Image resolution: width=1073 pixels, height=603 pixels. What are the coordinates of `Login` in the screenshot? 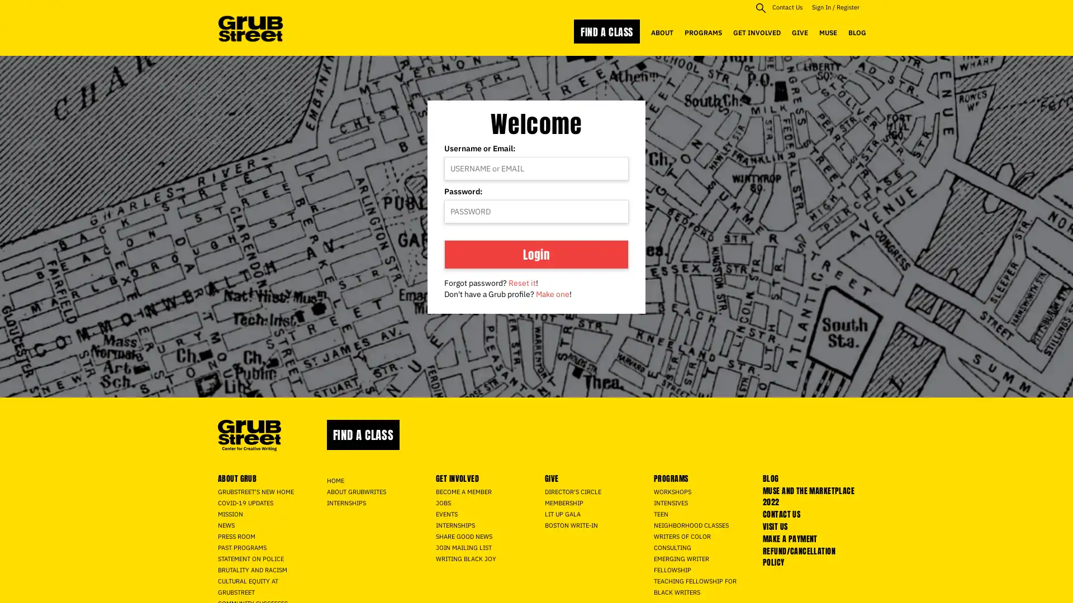 It's located at (536, 254).